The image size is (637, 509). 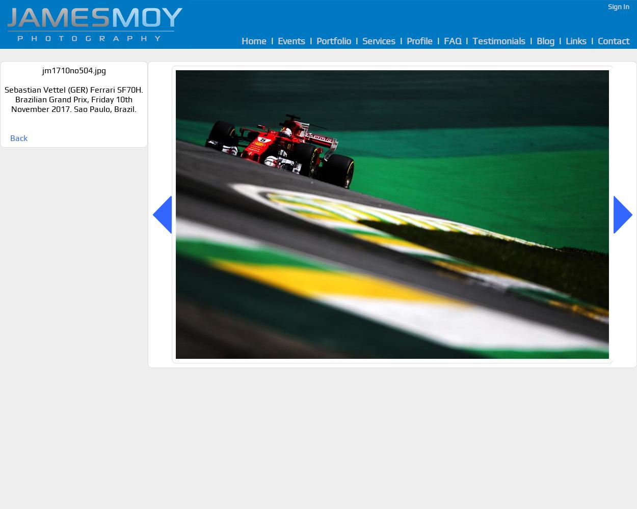 I want to click on 'Profile', so click(x=407, y=40).